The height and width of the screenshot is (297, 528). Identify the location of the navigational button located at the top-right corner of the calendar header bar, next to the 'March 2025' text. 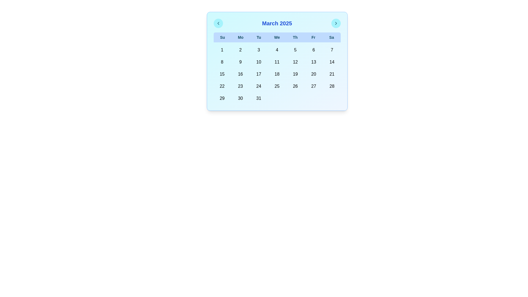
(335, 23).